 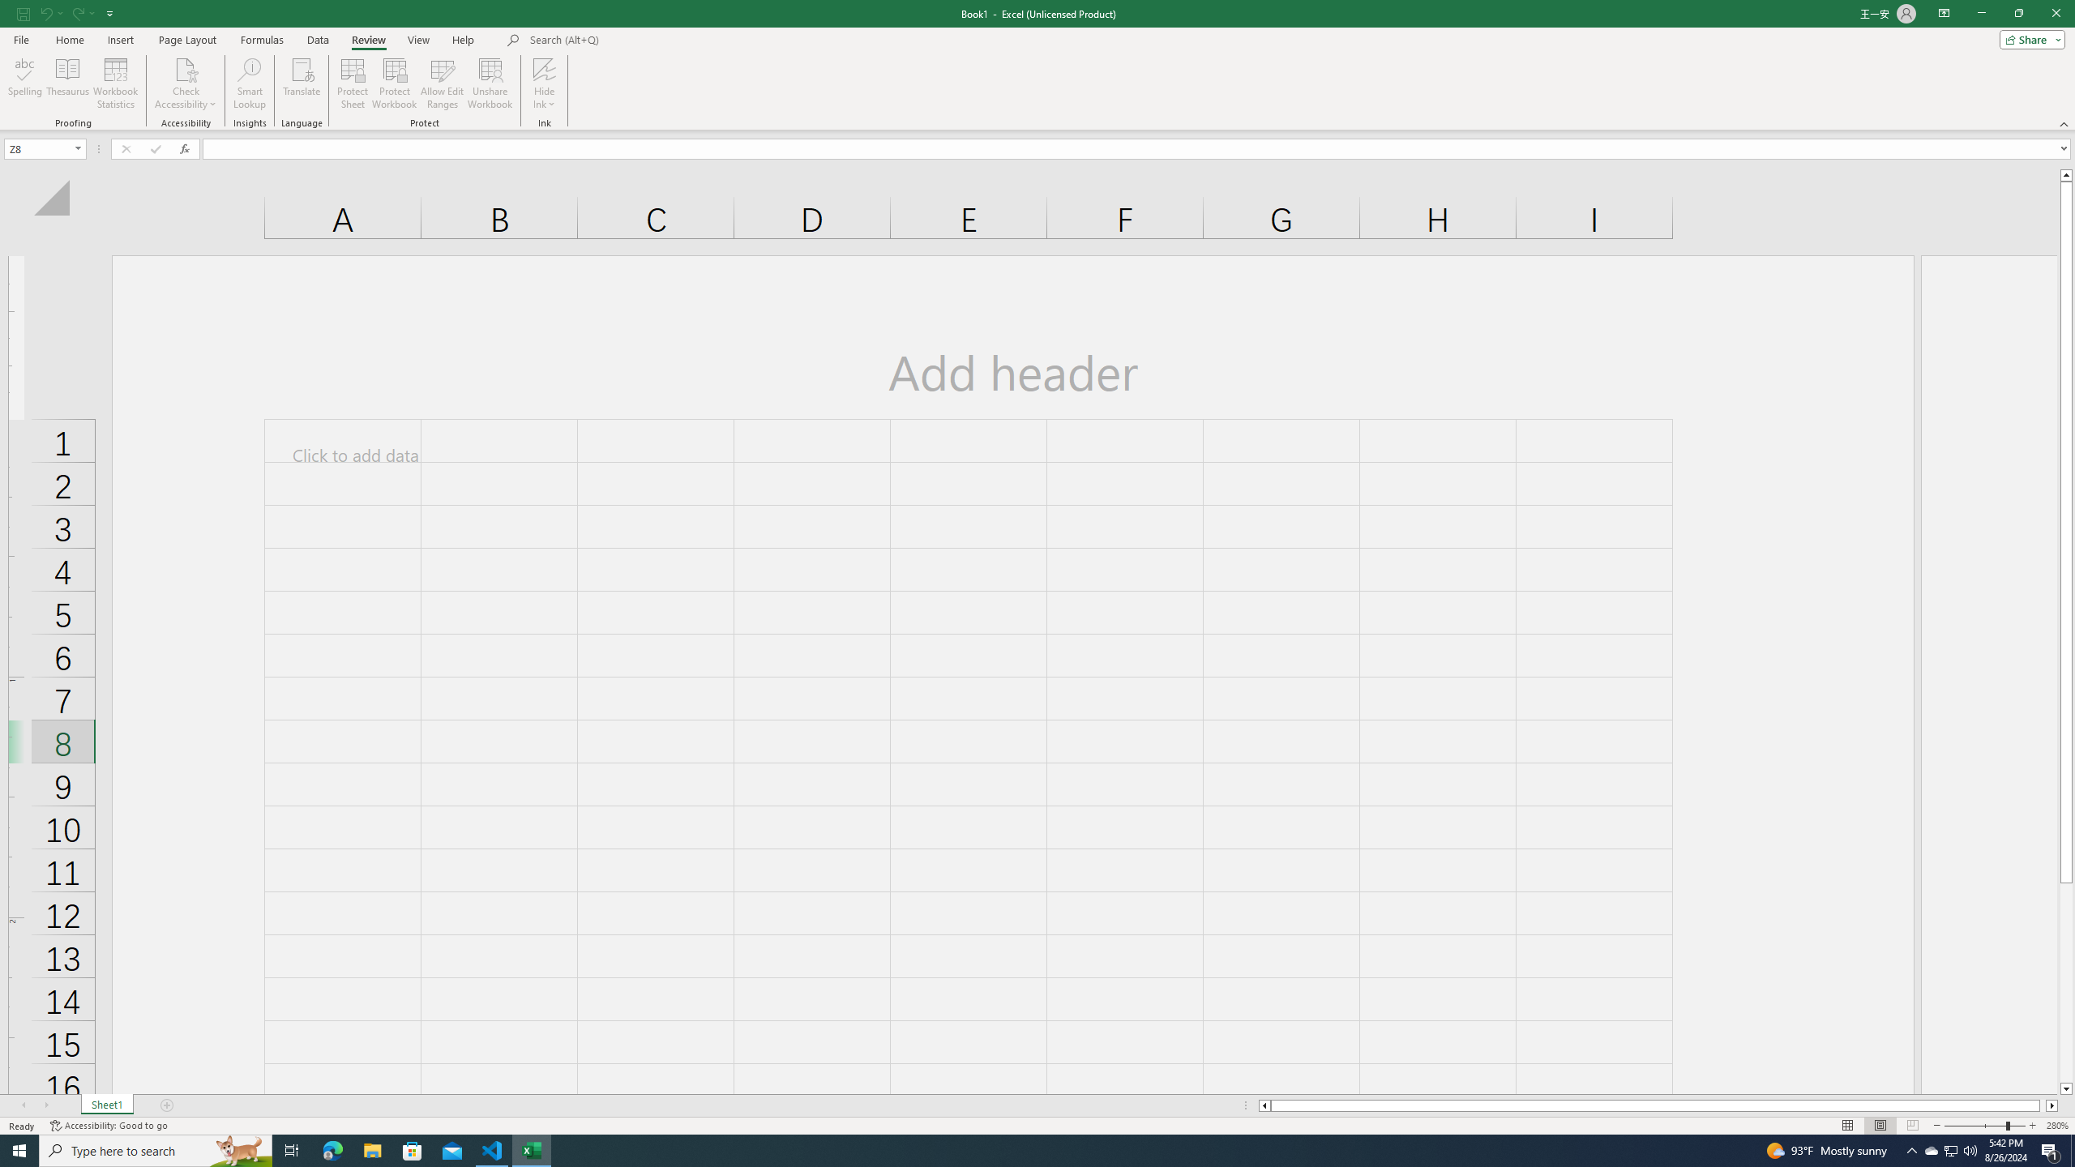 I want to click on 'Workbook Statistics', so click(x=115, y=83).